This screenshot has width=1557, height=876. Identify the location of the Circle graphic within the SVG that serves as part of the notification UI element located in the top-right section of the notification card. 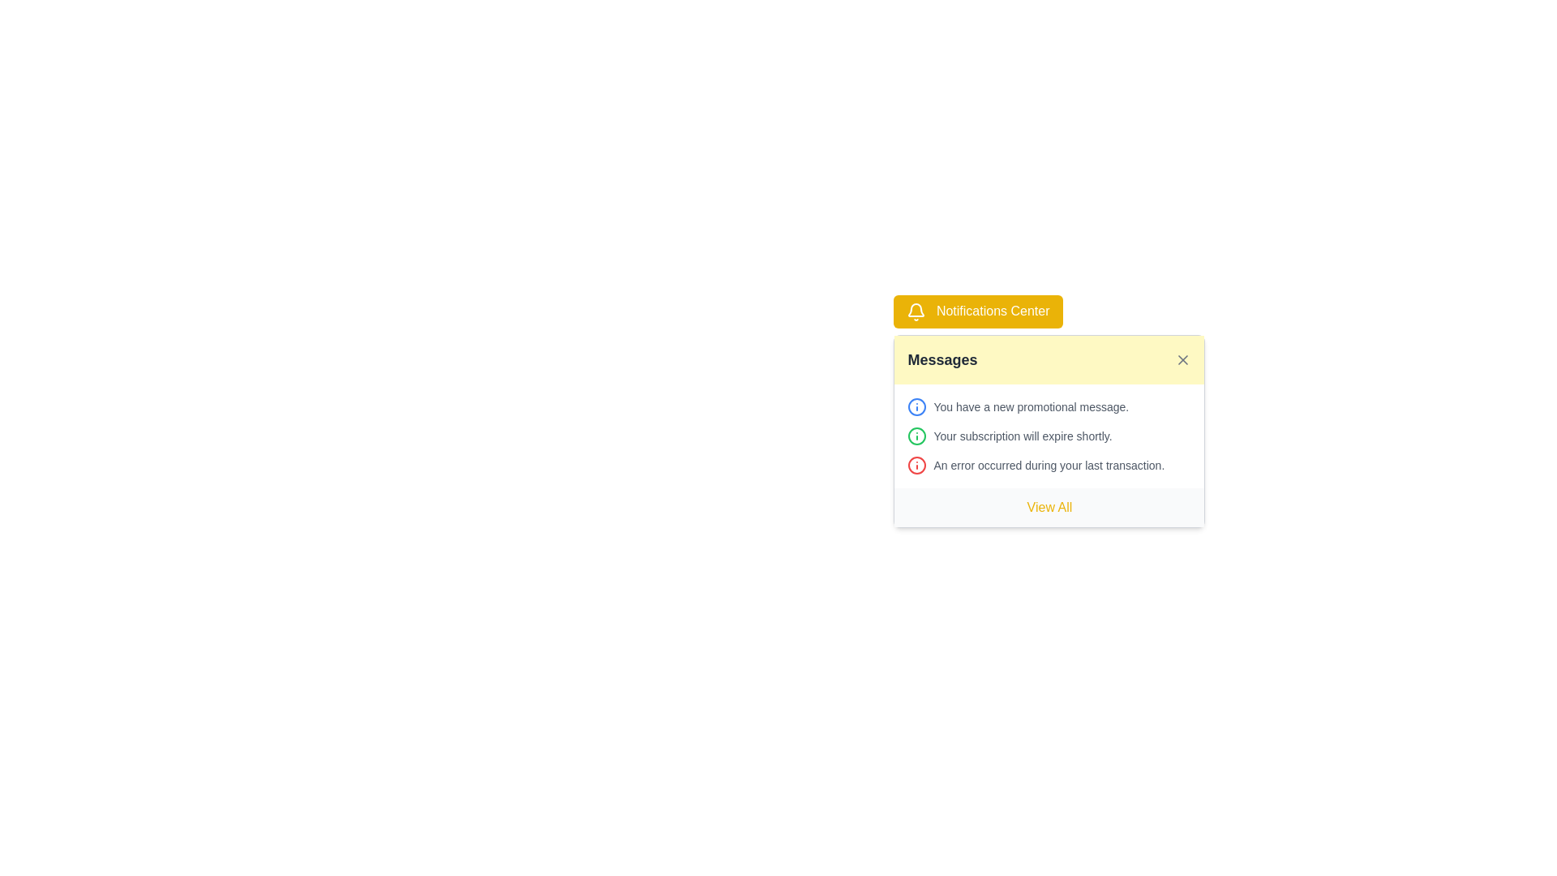
(917, 465).